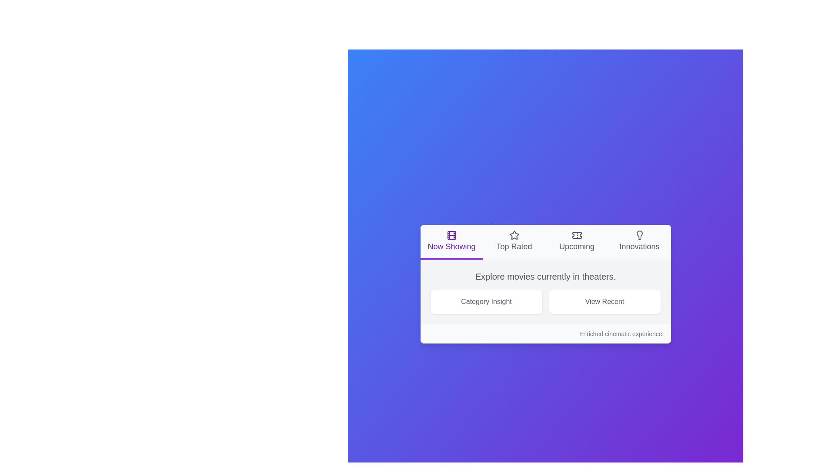 The width and height of the screenshot is (835, 469). What do you see at coordinates (514, 246) in the screenshot?
I see `the 'Top Rated' text label in the navigation bar` at bounding box center [514, 246].